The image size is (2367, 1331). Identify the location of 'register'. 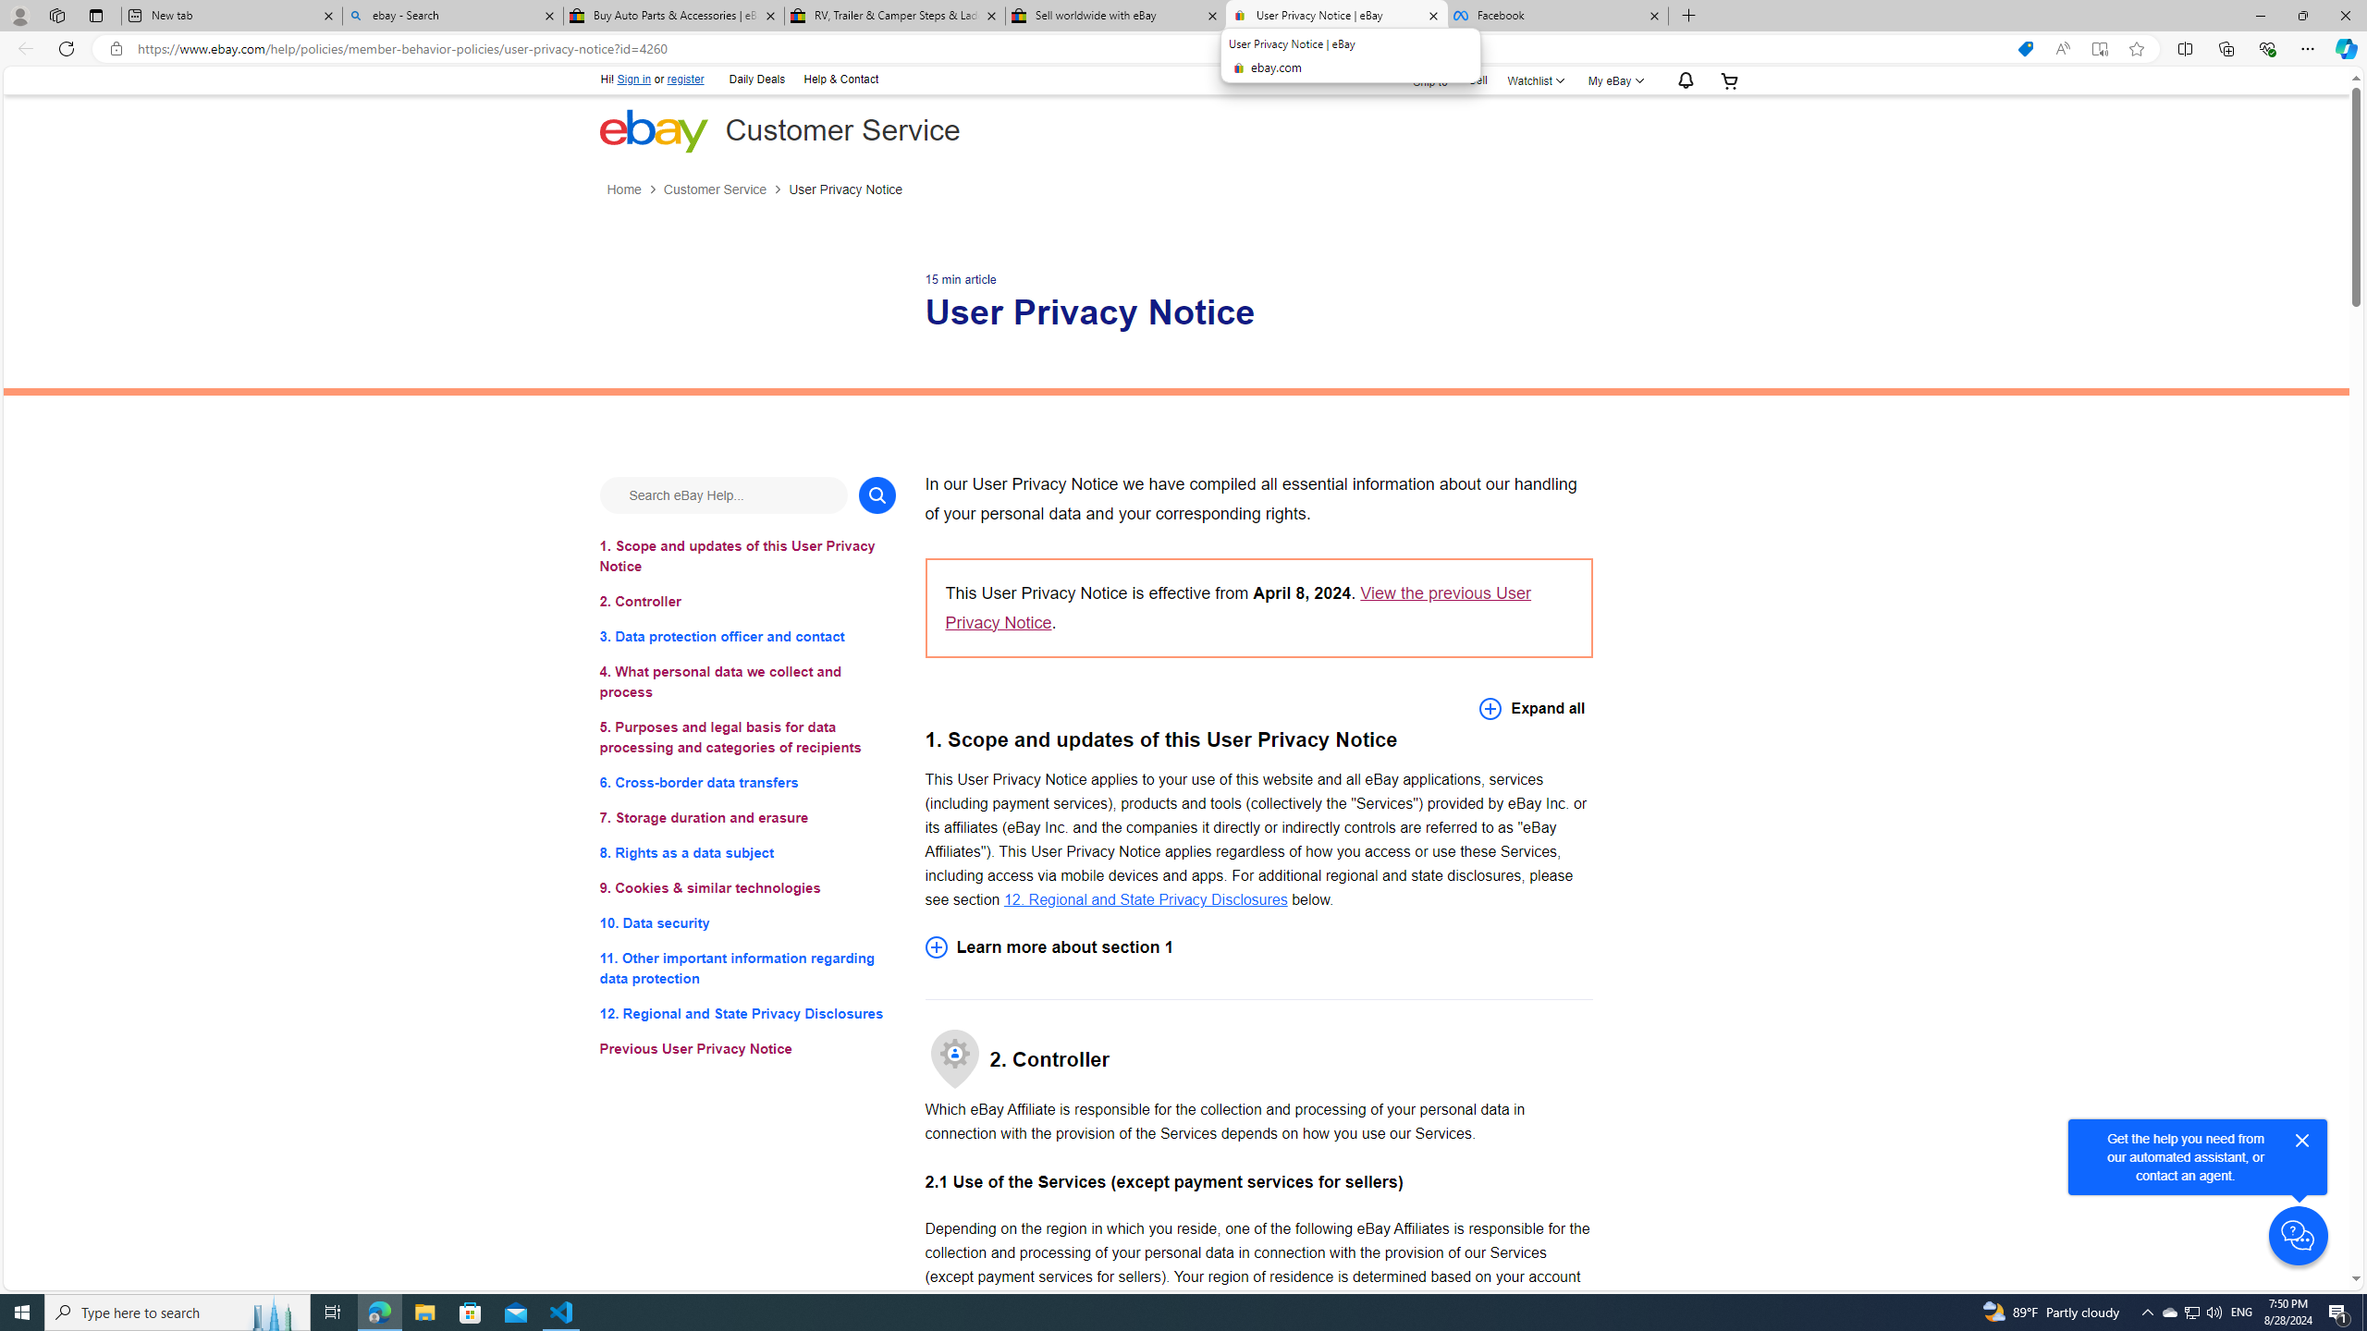
(685, 79).